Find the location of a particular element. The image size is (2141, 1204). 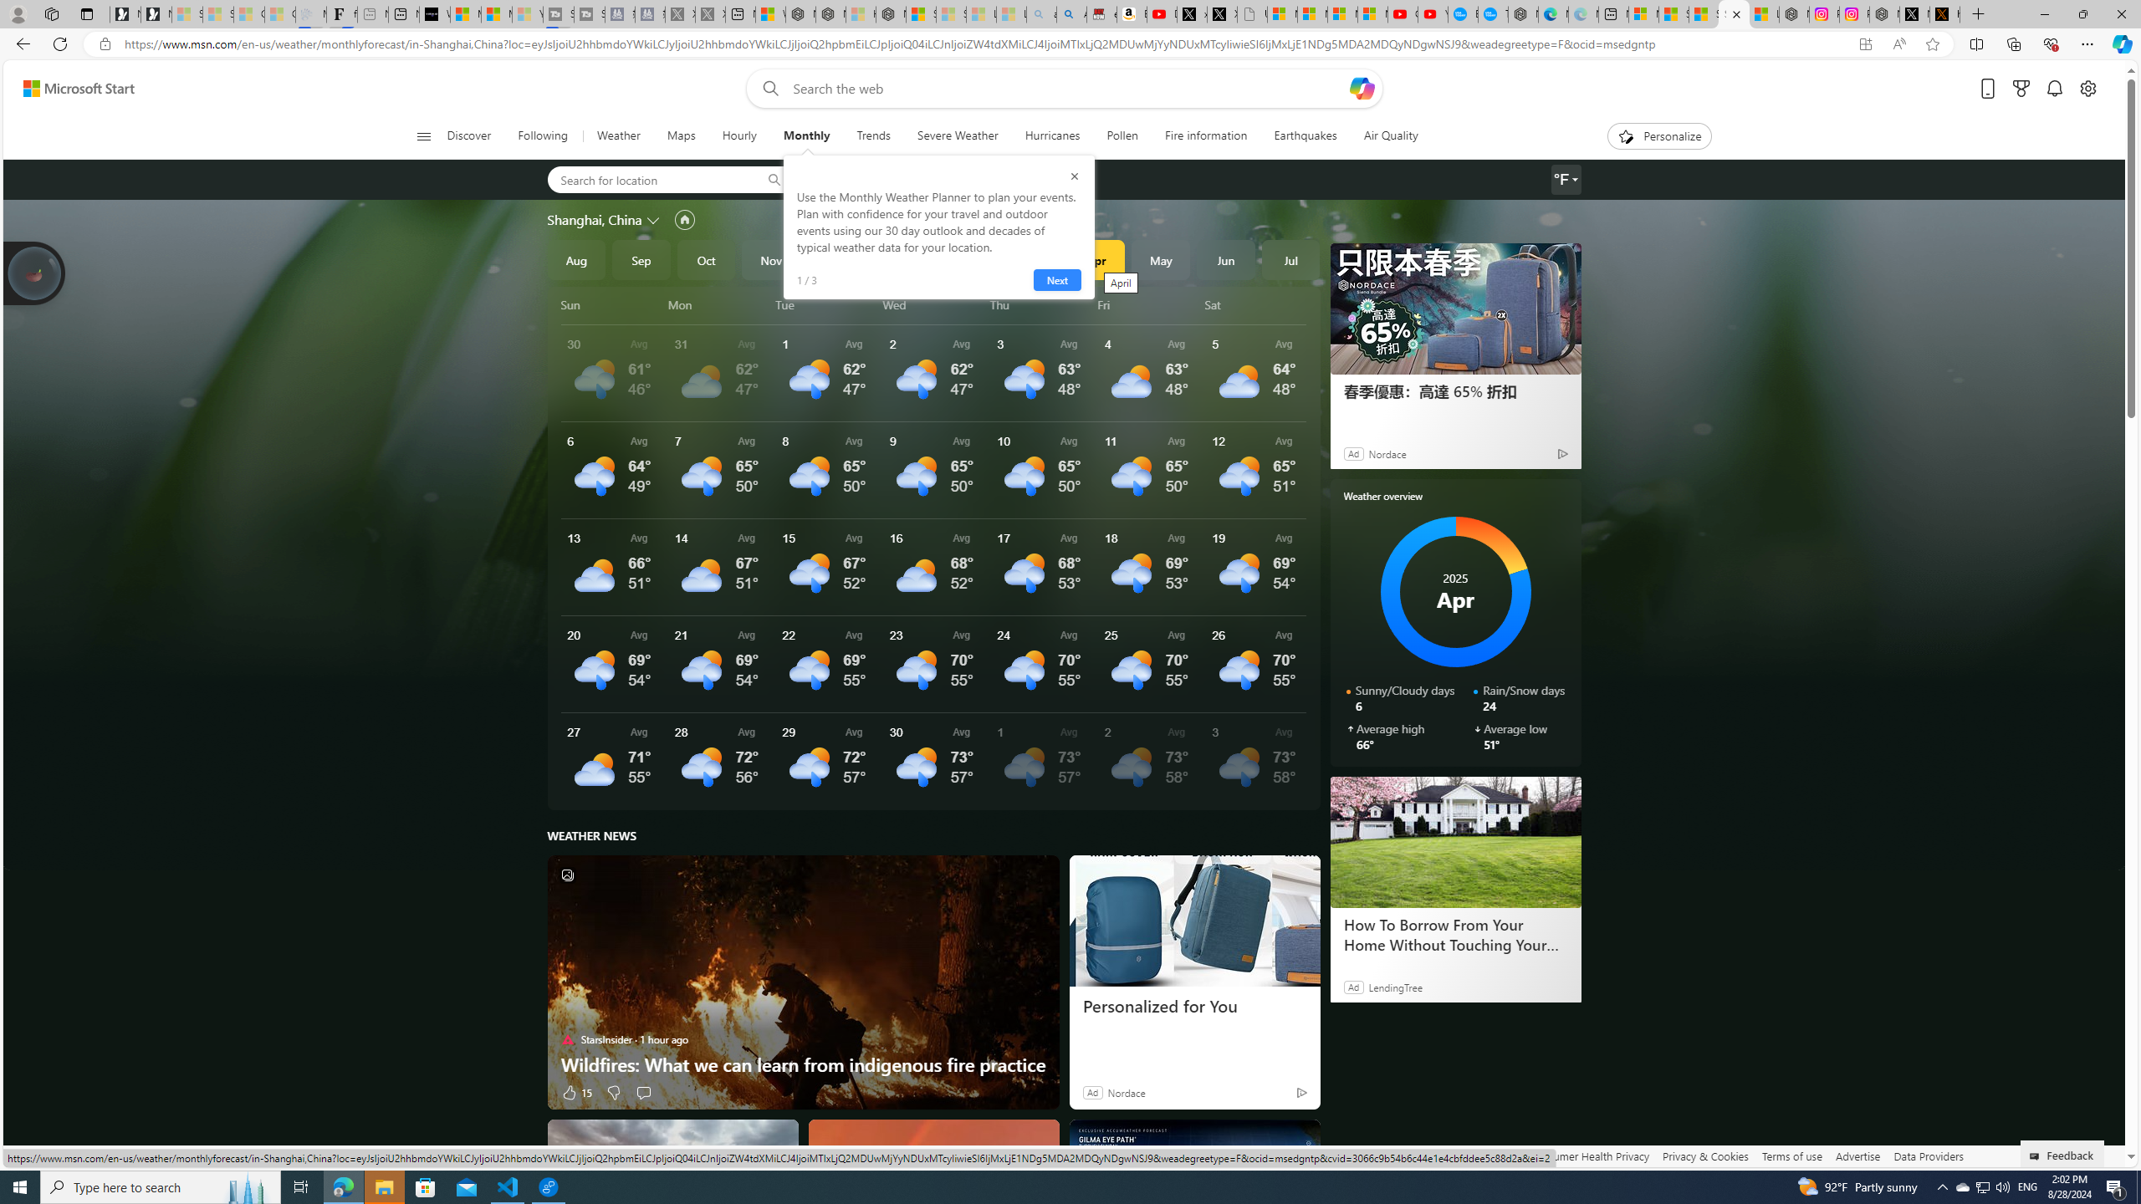

'Apr' is located at coordinates (1095, 259).